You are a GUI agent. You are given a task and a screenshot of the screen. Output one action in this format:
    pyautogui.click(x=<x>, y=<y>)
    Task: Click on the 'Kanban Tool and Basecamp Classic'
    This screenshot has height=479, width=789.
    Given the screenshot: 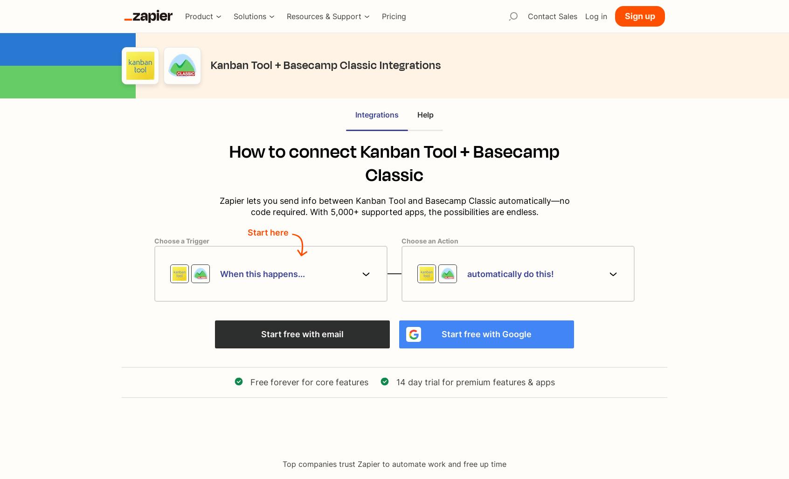 What is the action you would take?
    pyautogui.click(x=425, y=200)
    